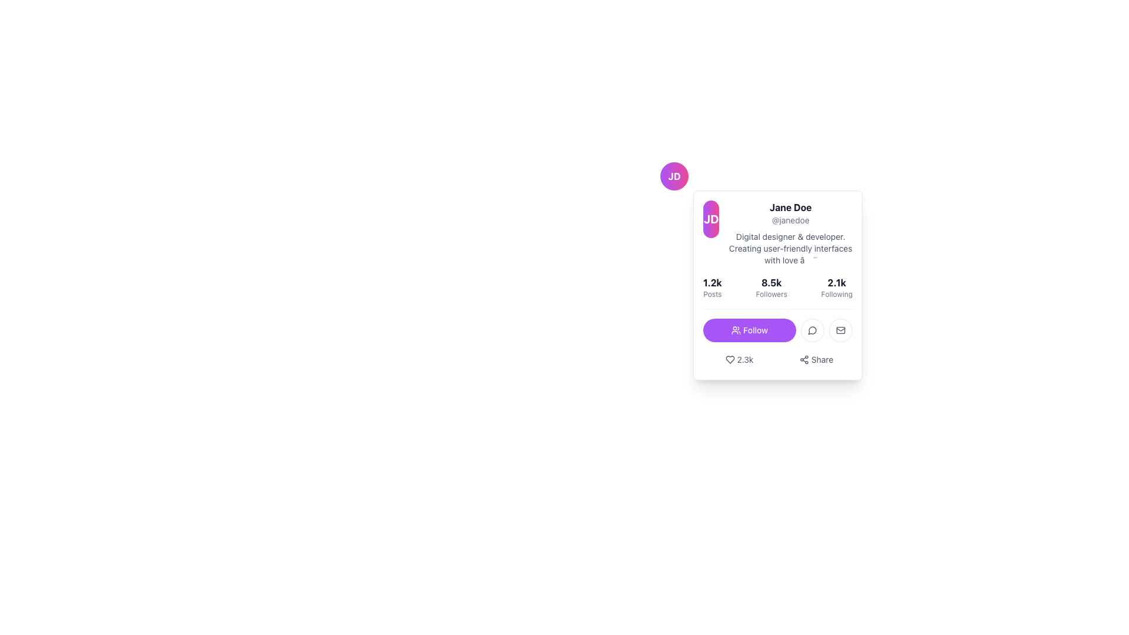 The width and height of the screenshot is (1129, 635). Describe the element at coordinates (778, 292) in the screenshot. I see `the Metric display component that shows the summary of posts, followers, and followings` at that location.